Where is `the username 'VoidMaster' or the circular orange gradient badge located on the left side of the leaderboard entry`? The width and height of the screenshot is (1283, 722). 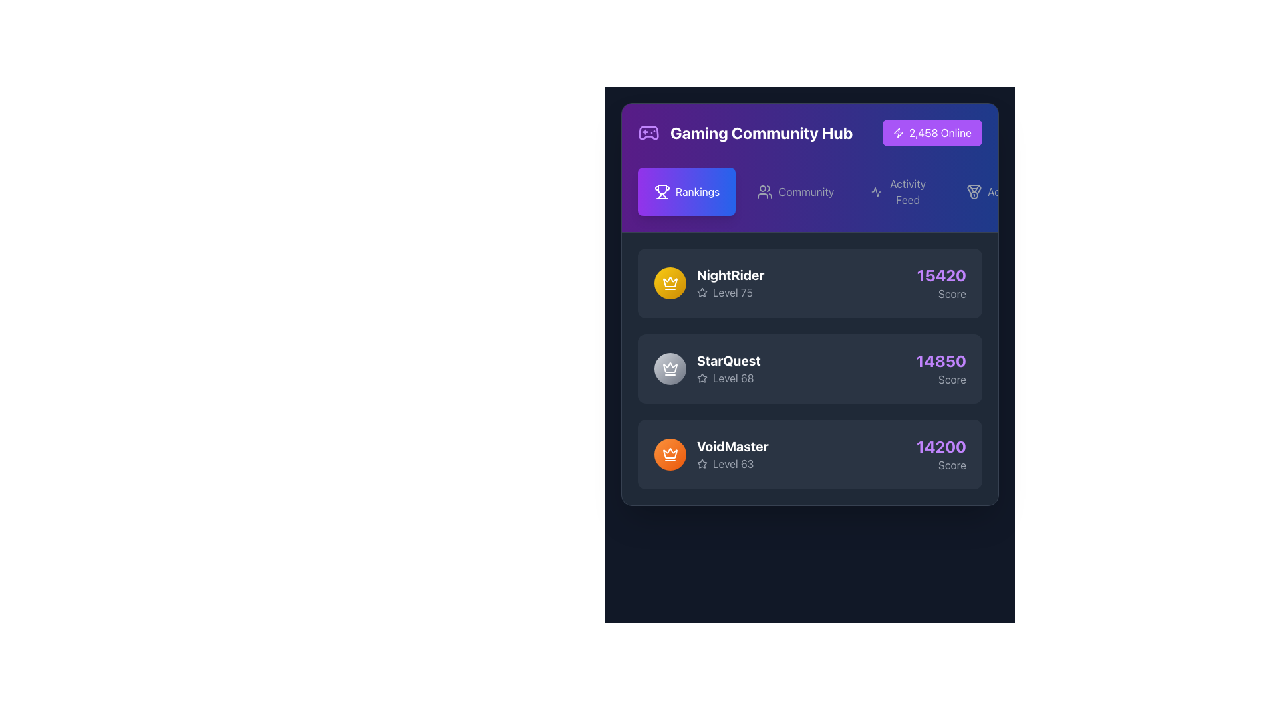
the username 'VoidMaster' or the circular orange gradient badge located on the left side of the leaderboard entry is located at coordinates (710, 453).